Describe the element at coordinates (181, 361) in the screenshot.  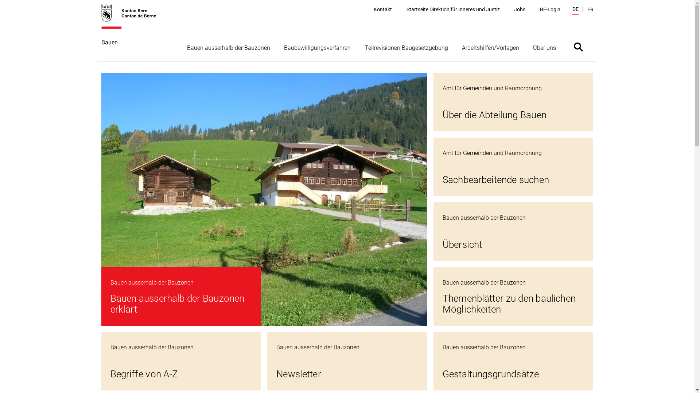
I see `'Begriffe von A-Z` at that location.